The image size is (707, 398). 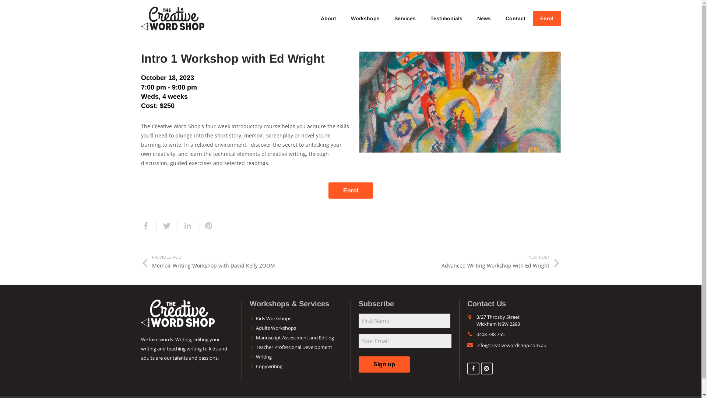 I want to click on 'NEXT POST, so click(x=455, y=261).